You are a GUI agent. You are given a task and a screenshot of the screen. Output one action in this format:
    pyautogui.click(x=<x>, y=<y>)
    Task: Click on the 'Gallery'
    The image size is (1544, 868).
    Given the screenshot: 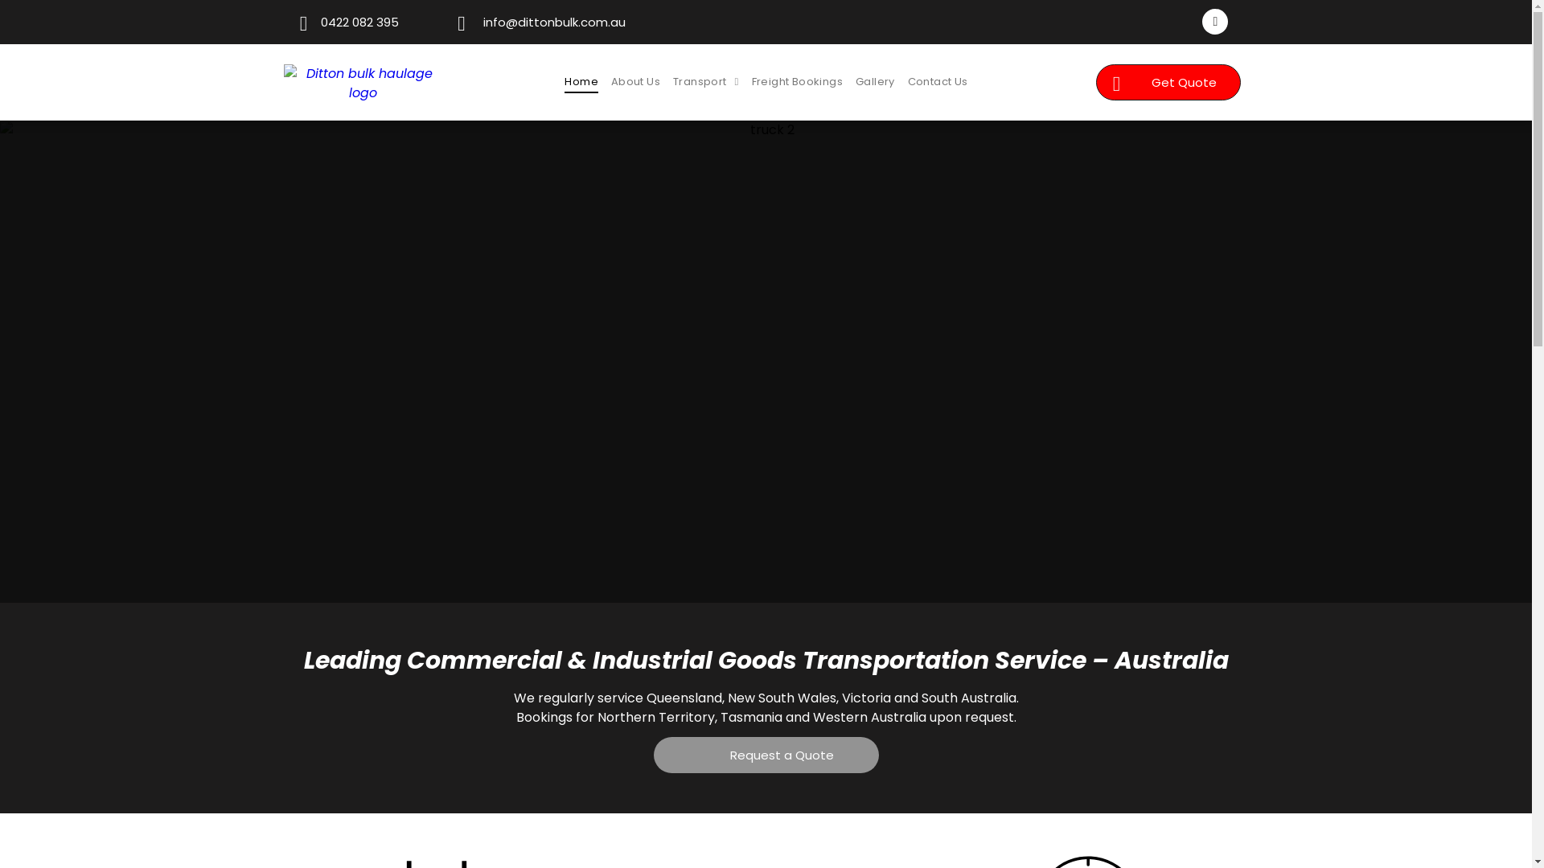 What is the action you would take?
    pyautogui.click(x=874, y=81)
    